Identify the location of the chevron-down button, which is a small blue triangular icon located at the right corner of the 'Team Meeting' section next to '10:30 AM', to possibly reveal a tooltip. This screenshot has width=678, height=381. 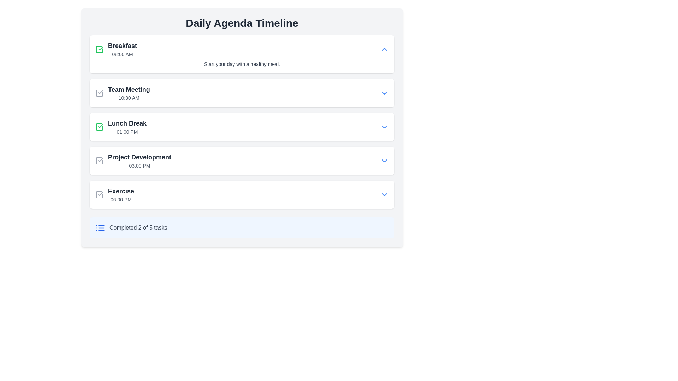
(384, 92).